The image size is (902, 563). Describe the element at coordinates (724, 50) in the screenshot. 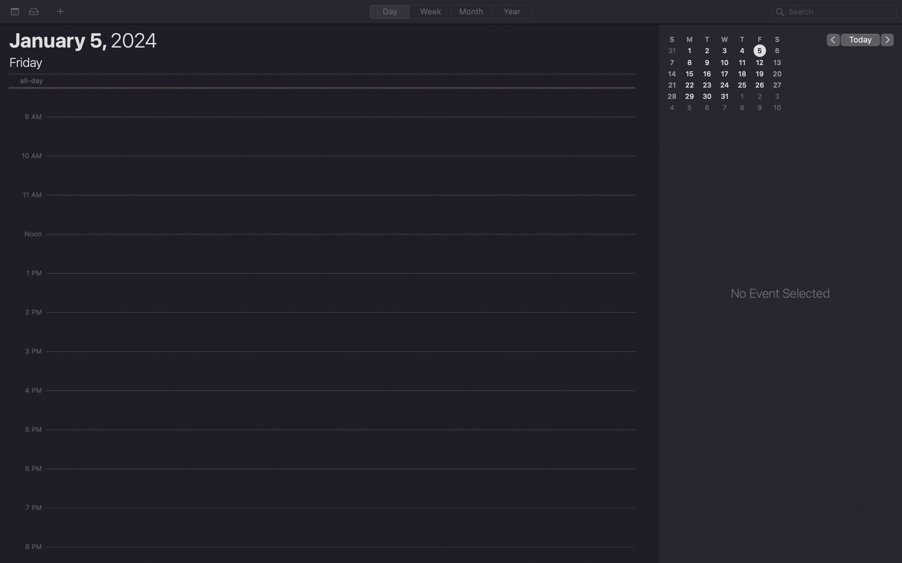

I see `the date 3` at that location.